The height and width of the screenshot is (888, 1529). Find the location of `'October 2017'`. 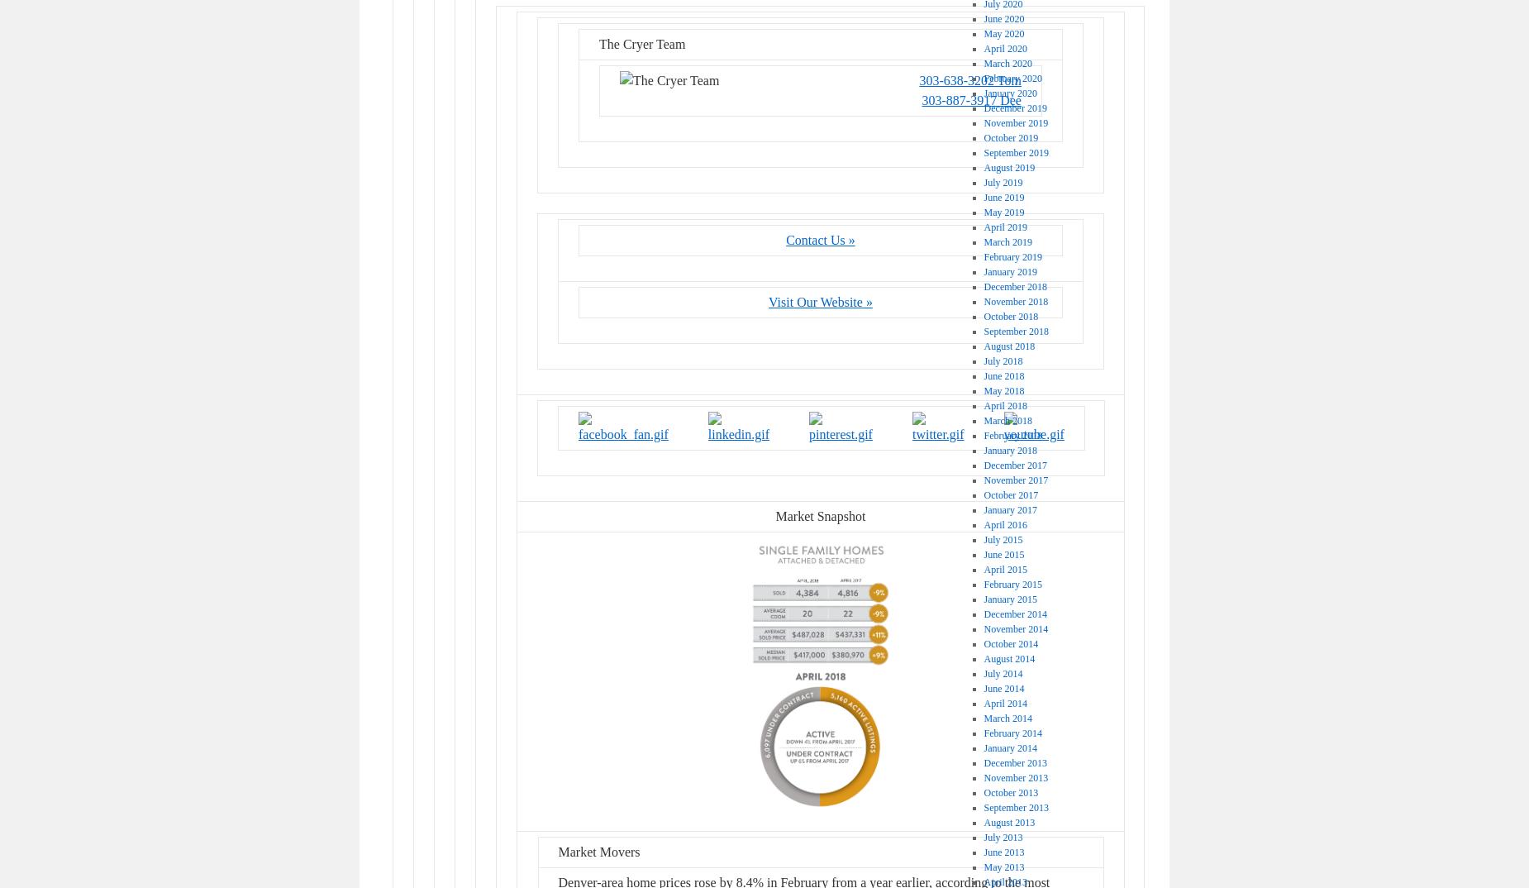

'October 2017' is located at coordinates (1010, 494).